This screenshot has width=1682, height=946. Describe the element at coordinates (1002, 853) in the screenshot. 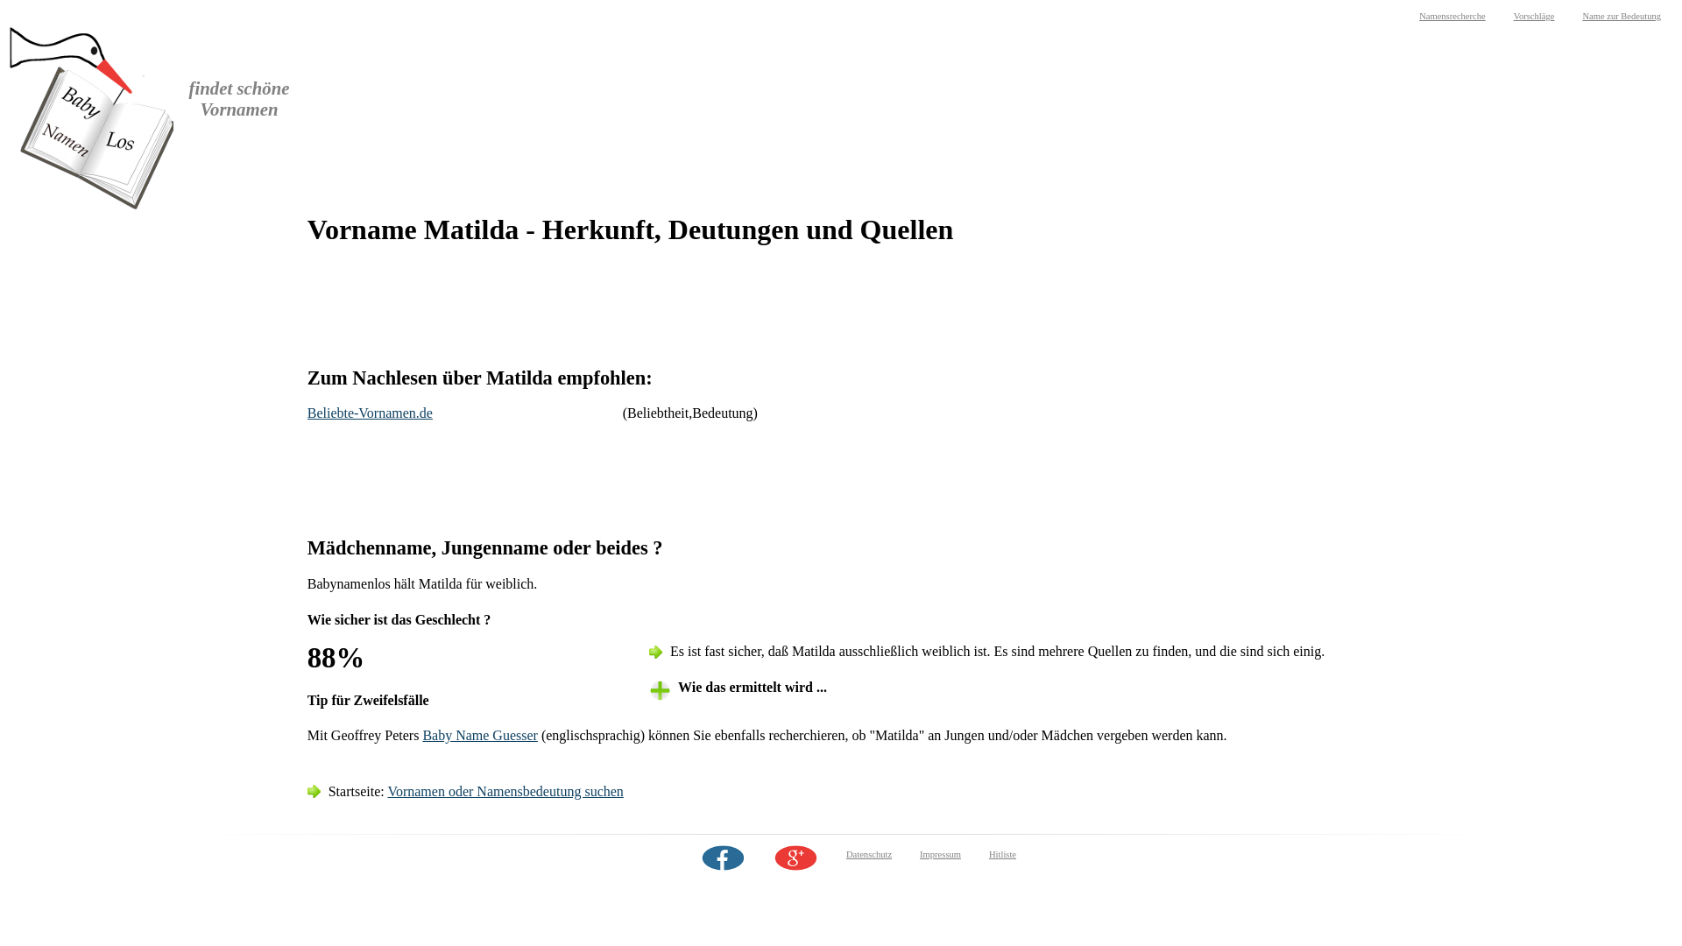

I see `'Hitliste'` at that location.